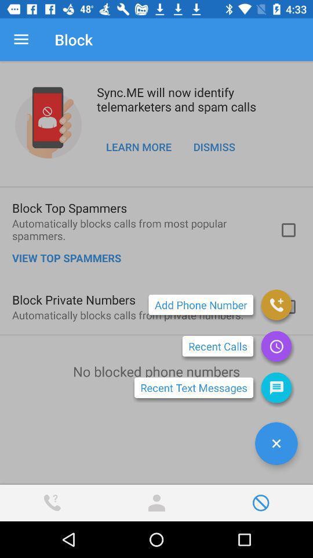  What do you see at coordinates (275, 304) in the screenshot?
I see `the call icon` at bounding box center [275, 304].